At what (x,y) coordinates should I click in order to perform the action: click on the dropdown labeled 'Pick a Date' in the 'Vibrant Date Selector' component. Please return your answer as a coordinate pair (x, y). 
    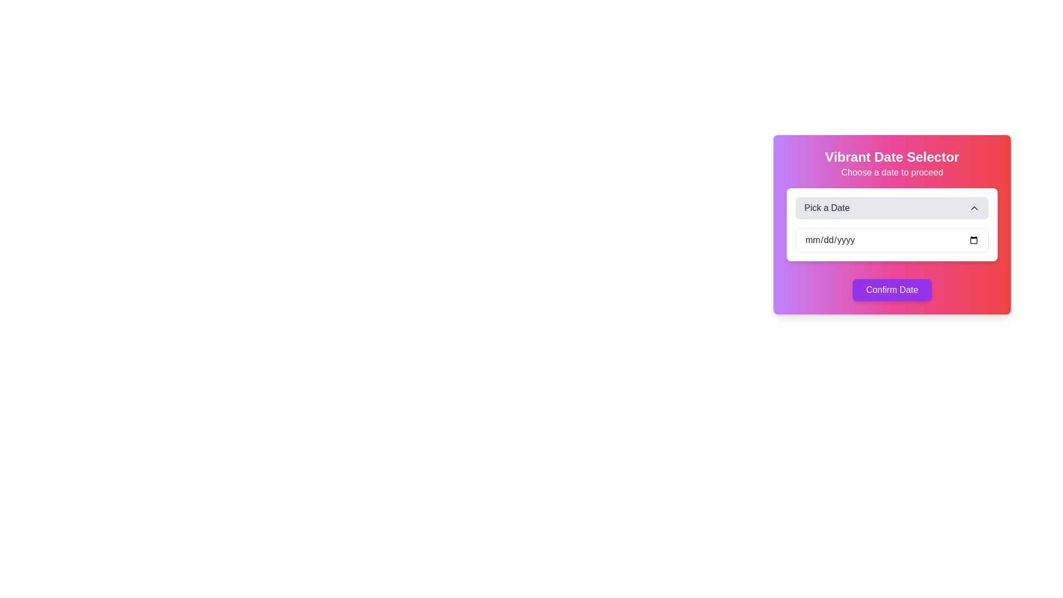
    Looking at the image, I should click on (892, 224).